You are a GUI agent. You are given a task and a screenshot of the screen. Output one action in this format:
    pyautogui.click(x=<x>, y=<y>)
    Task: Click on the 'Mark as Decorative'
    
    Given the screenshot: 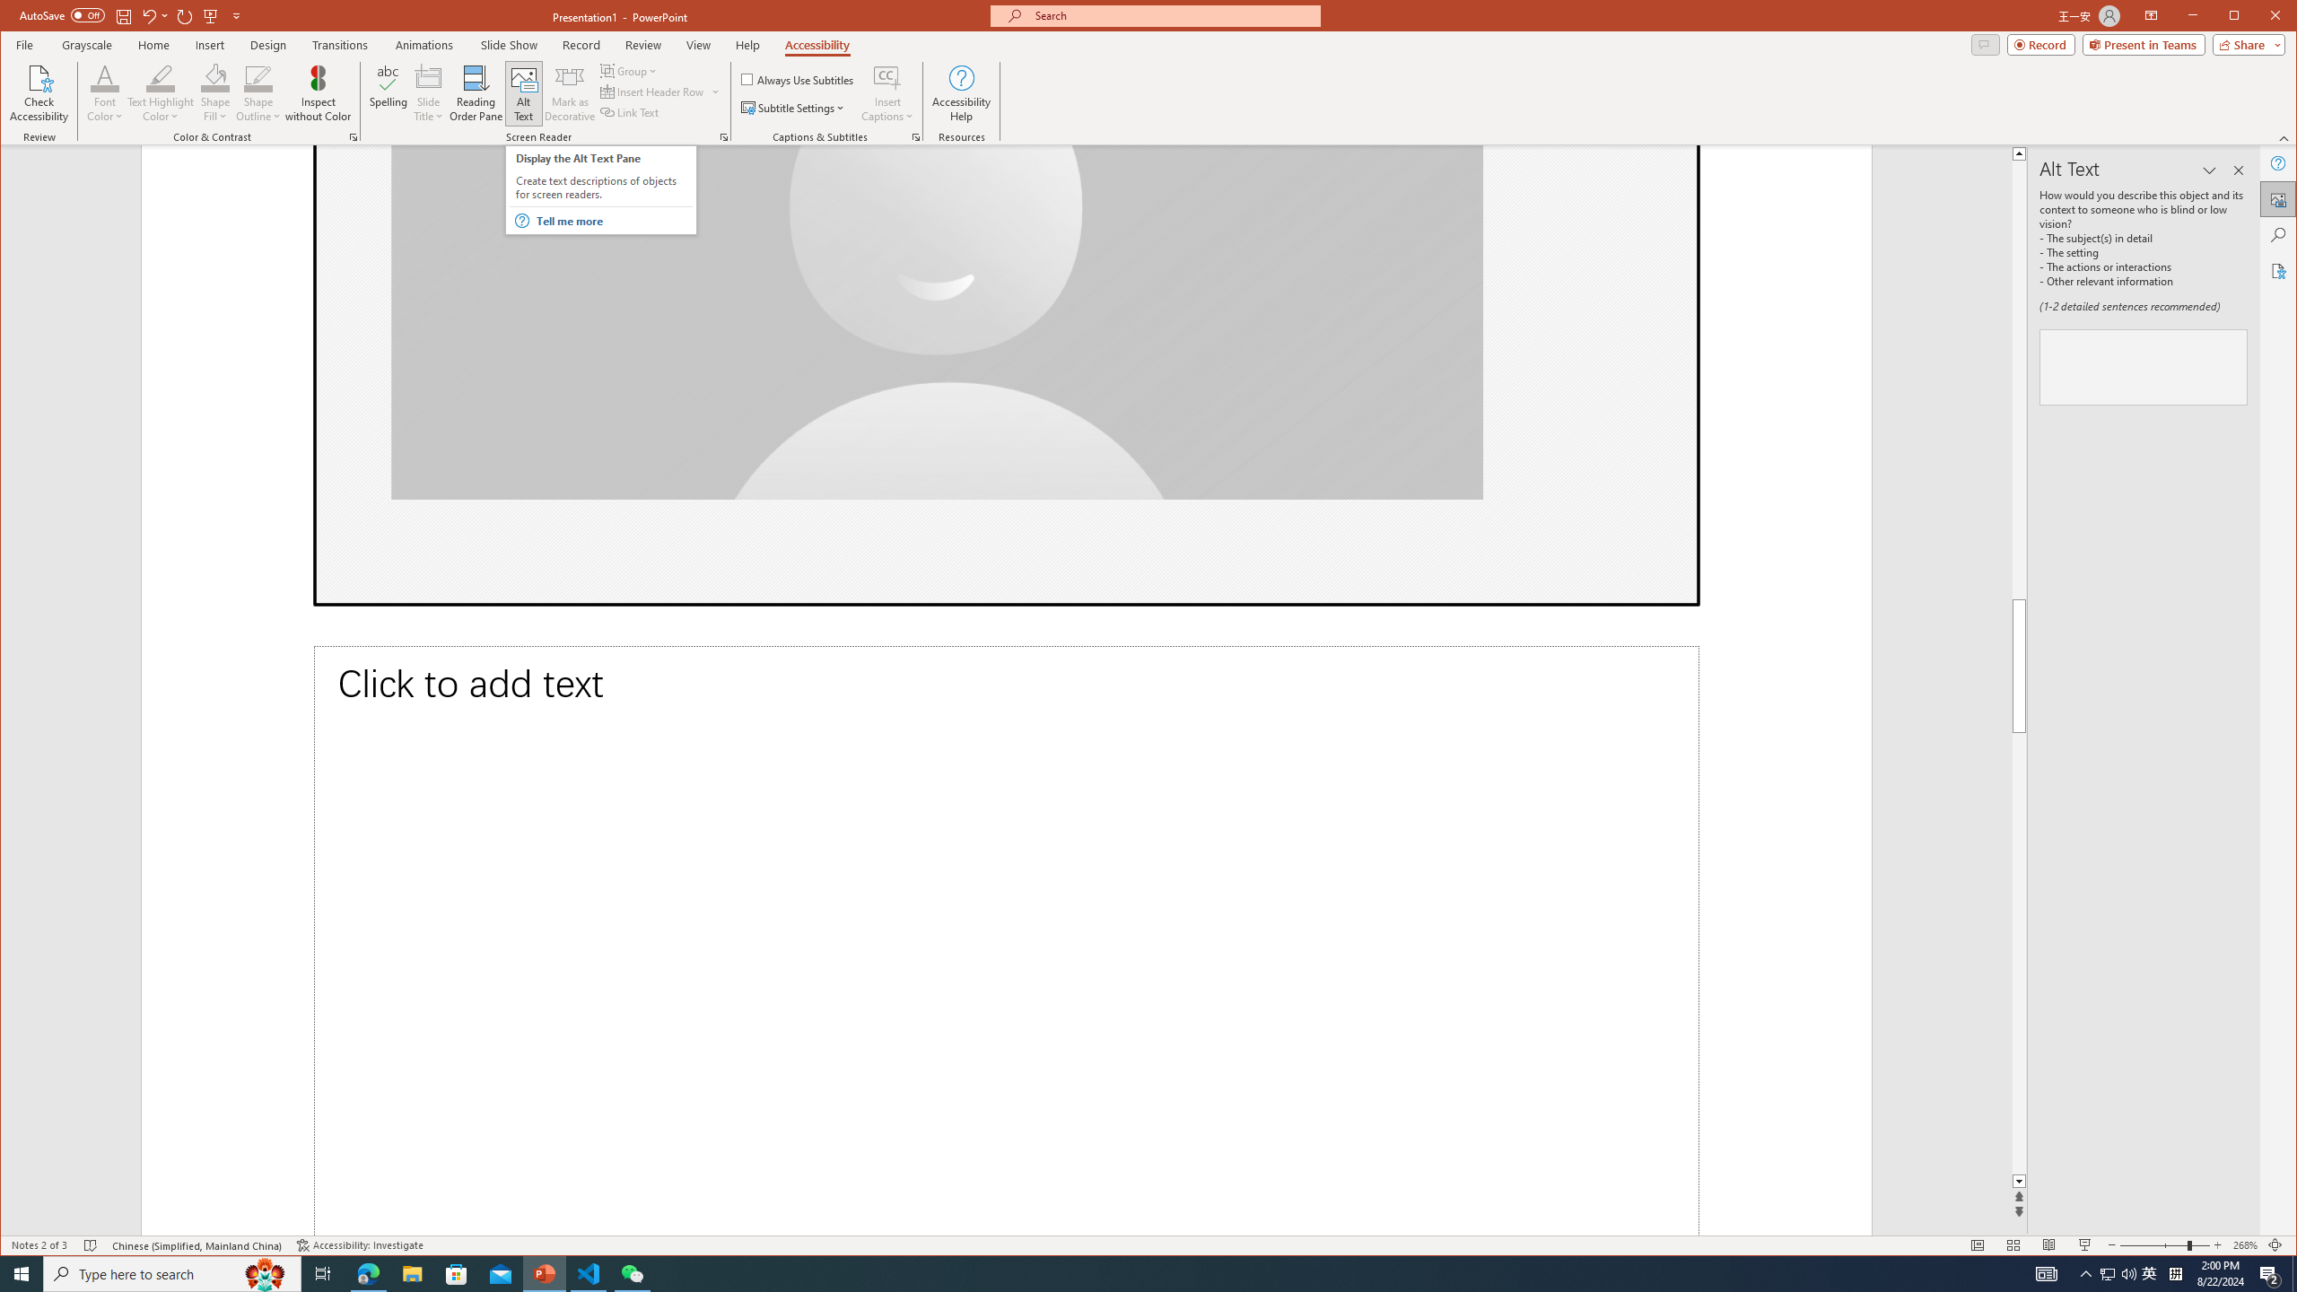 What is the action you would take?
    pyautogui.click(x=568, y=92)
    